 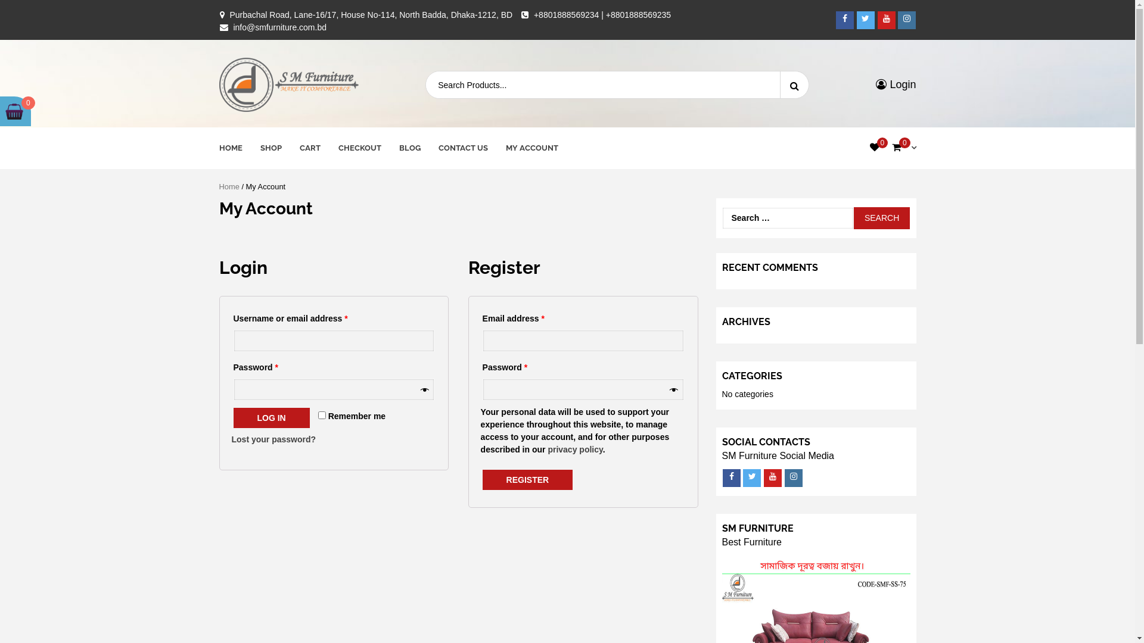 I want to click on 'LOG IN', so click(x=234, y=417).